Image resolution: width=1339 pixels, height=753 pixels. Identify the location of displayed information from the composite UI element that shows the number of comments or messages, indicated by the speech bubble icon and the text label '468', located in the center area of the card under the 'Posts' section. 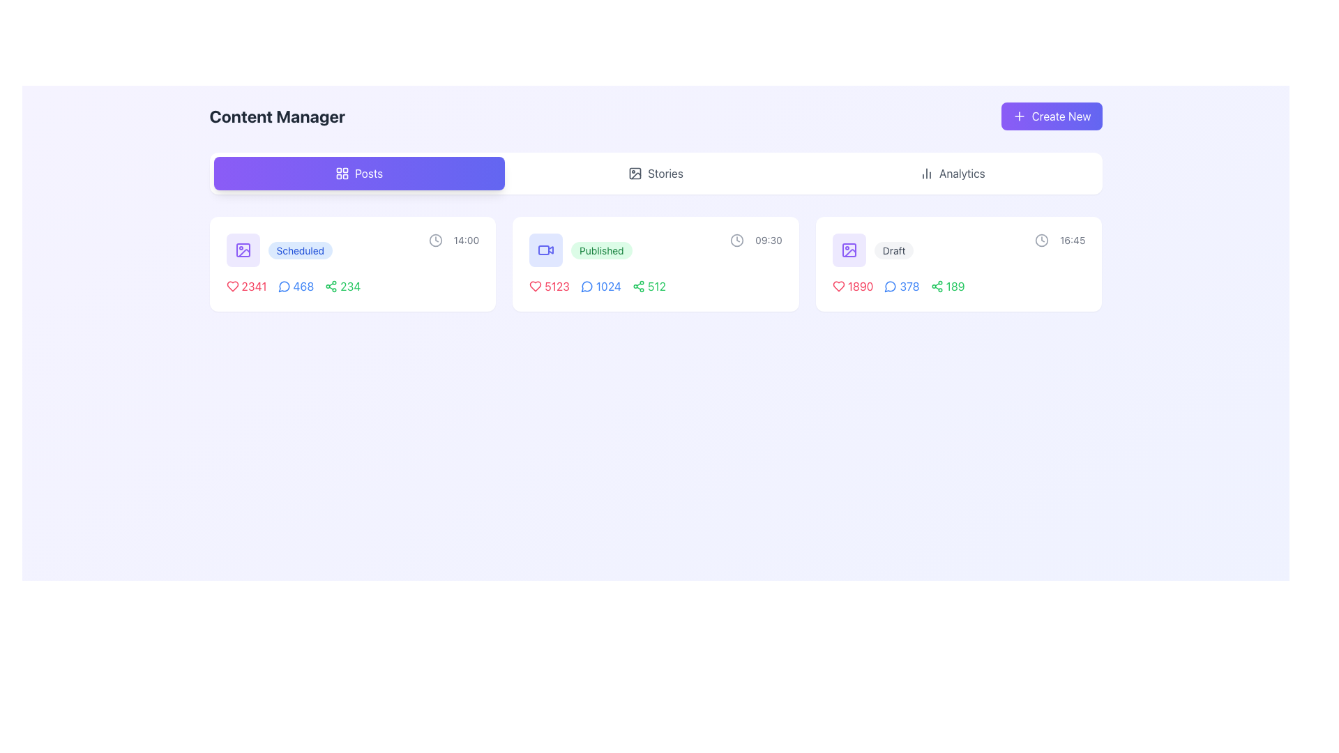
(295, 286).